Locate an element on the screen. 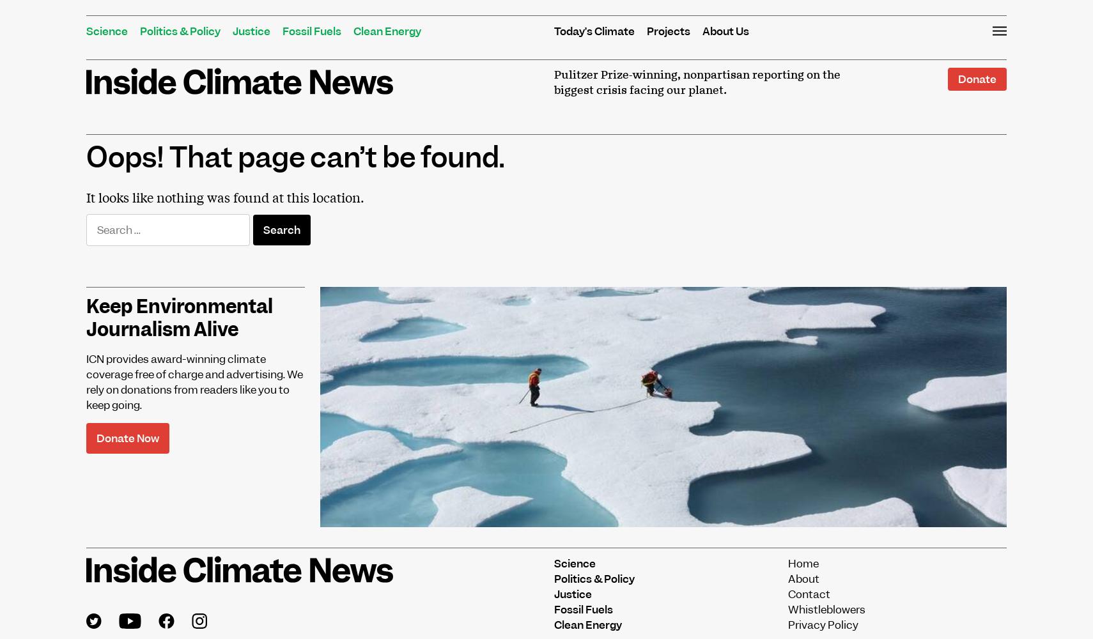 The height and width of the screenshot is (639, 1093). 'About' is located at coordinates (787, 578).